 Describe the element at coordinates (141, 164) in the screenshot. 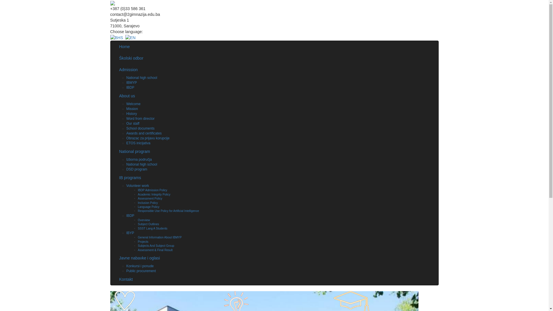

I see `'National high school'` at that location.